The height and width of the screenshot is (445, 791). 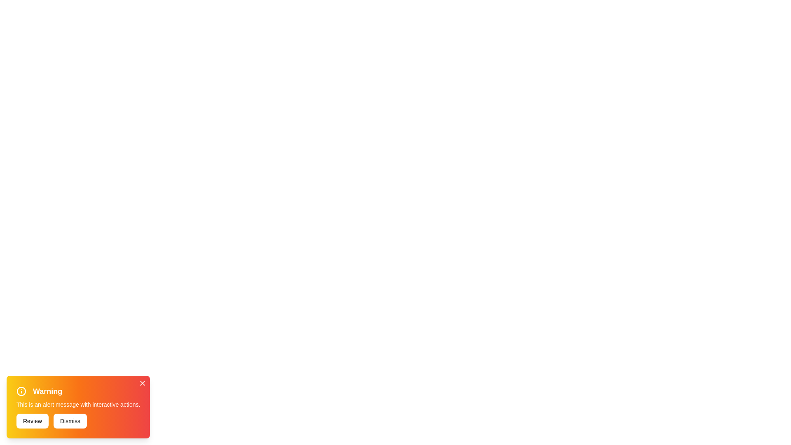 I want to click on the interactive element Close Icon of the notification banner, so click(x=143, y=383).